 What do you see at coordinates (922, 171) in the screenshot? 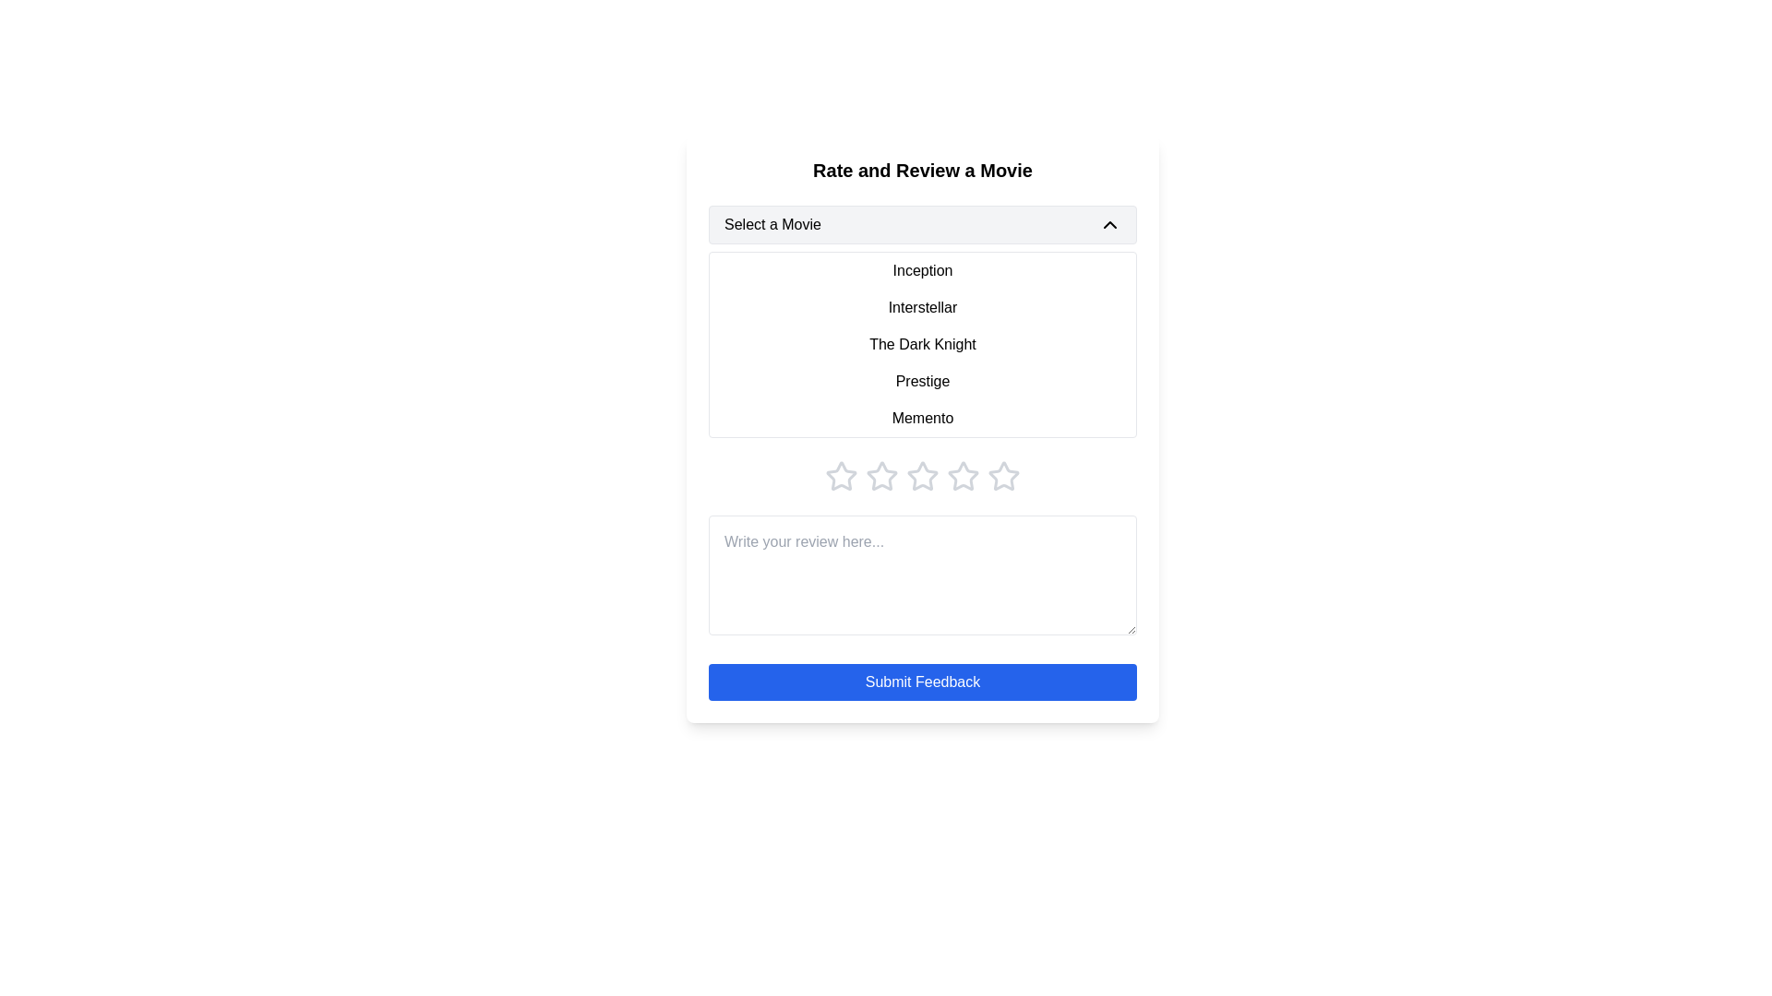
I see `the heading element which serves as the title for the section, located at the top of a white card-like structure with rounded corners` at bounding box center [922, 171].